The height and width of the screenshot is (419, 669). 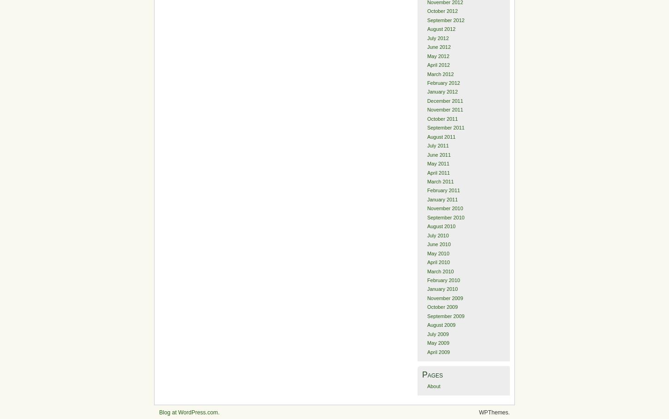 What do you see at coordinates (437, 37) in the screenshot?
I see `'July 2012'` at bounding box center [437, 37].